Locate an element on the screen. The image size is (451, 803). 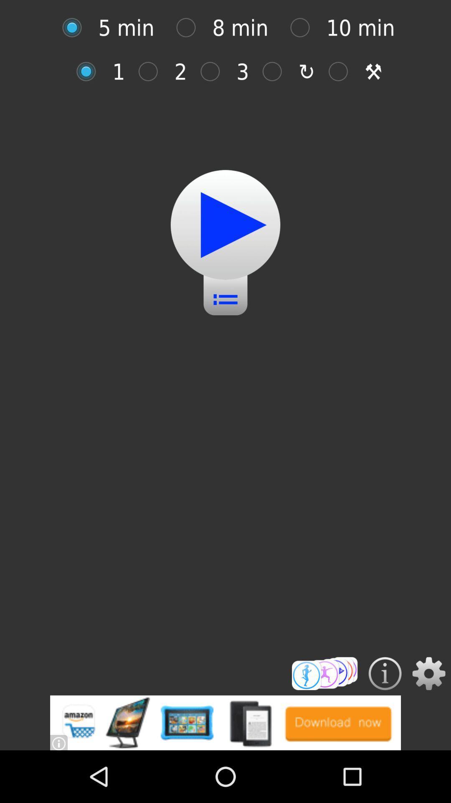
settings is located at coordinates (429, 673).